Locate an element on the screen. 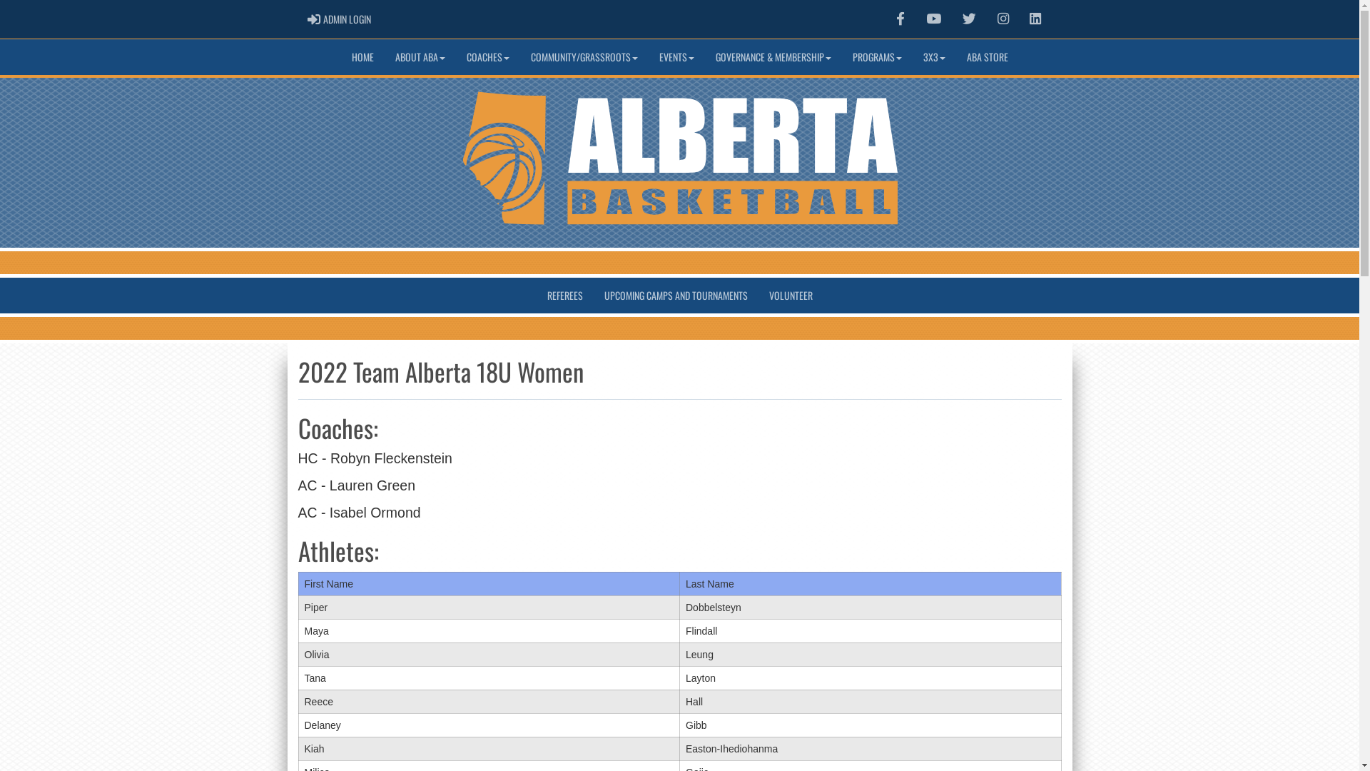 The height and width of the screenshot is (771, 1370). 'COMMUNITY/GRASSROOTS' is located at coordinates (583, 56).